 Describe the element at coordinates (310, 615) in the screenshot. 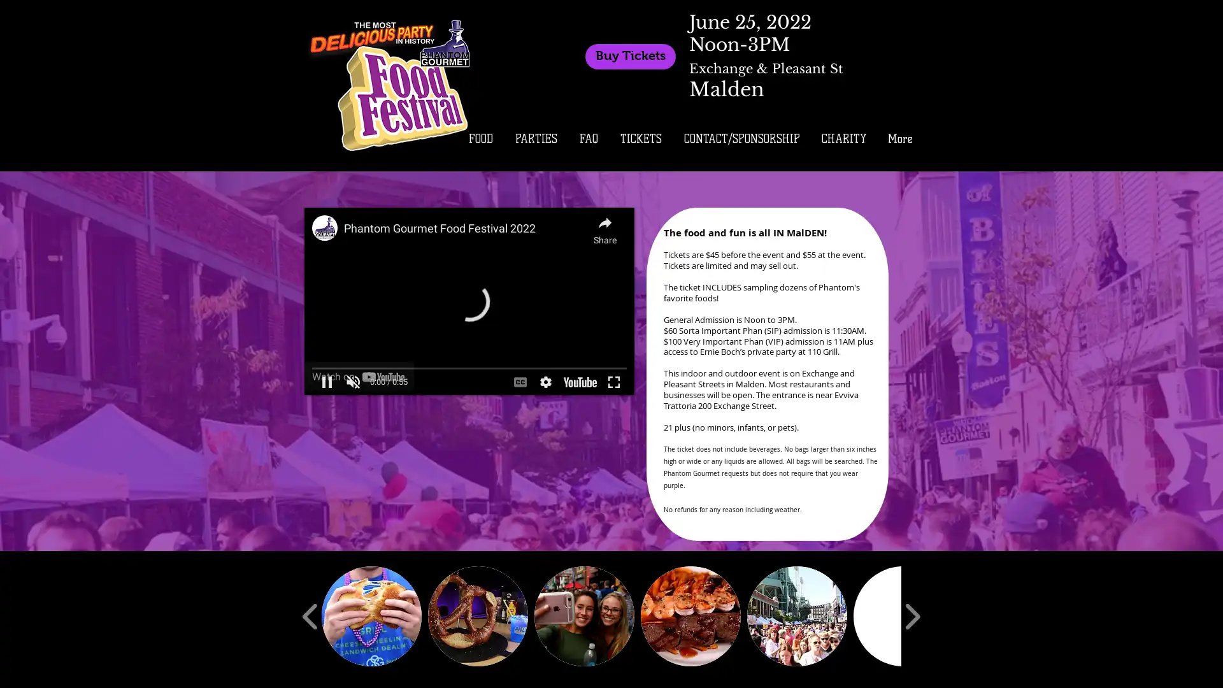

I see `play backward` at that location.